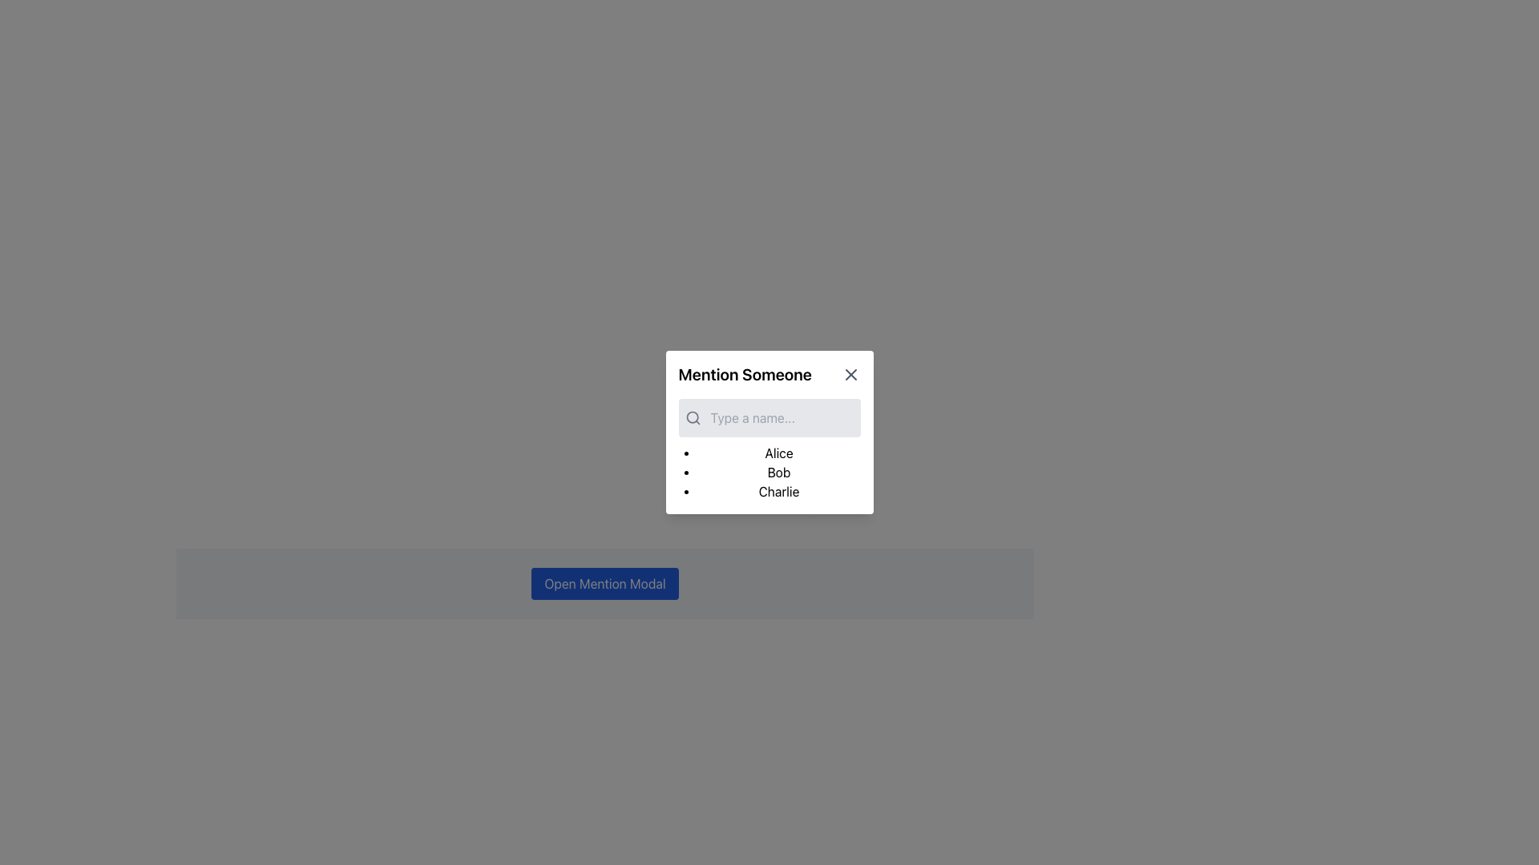  Describe the element at coordinates (778, 490) in the screenshot. I see `the third item in the vertical bullet list within the modal dialog` at that location.